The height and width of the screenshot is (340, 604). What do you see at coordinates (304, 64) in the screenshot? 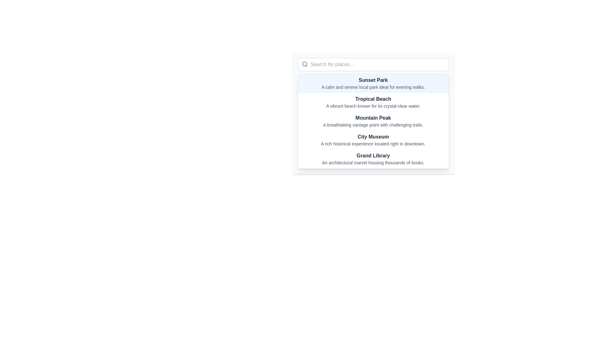
I see `the SVG circle that represents the inner detail of the search icon, located near the search bar in the top-left corner of the interface` at bounding box center [304, 64].